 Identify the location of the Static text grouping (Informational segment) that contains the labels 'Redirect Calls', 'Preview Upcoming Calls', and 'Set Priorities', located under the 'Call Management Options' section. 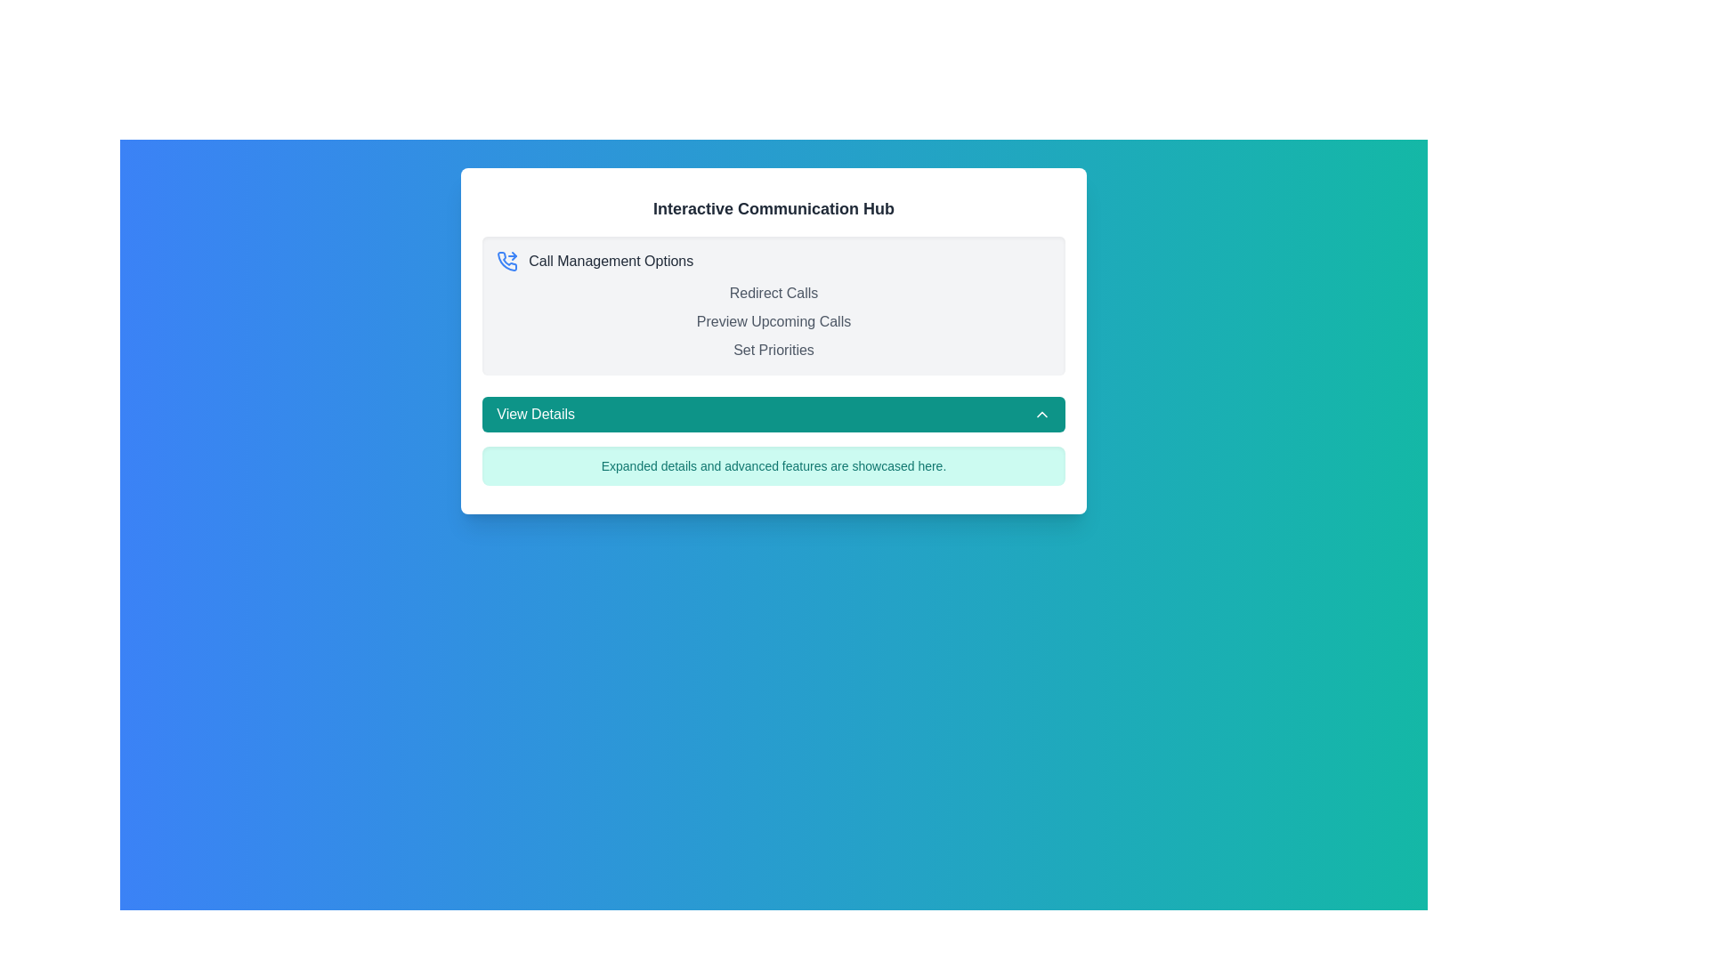
(774, 322).